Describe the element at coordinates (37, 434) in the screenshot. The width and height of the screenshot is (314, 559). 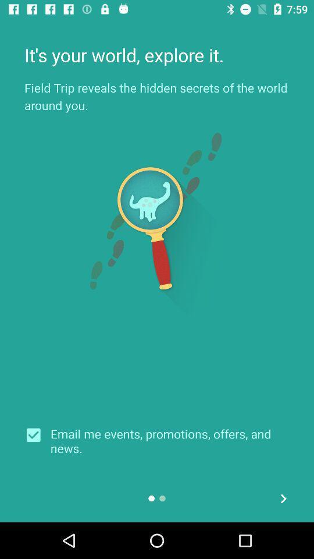
I see `get email spam` at that location.